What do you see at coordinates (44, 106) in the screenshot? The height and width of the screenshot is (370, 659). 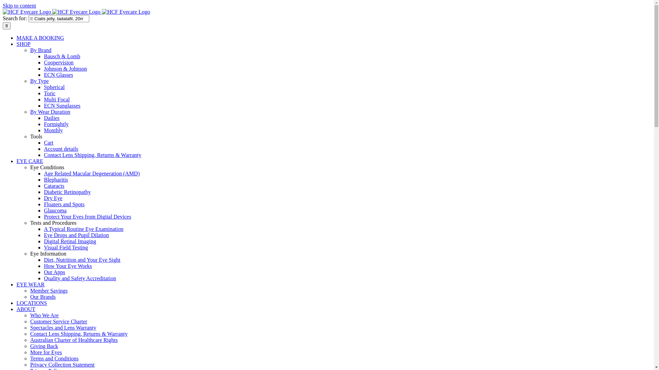 I see `'ECN Sunglasses'` at bounding box center [44, 106].